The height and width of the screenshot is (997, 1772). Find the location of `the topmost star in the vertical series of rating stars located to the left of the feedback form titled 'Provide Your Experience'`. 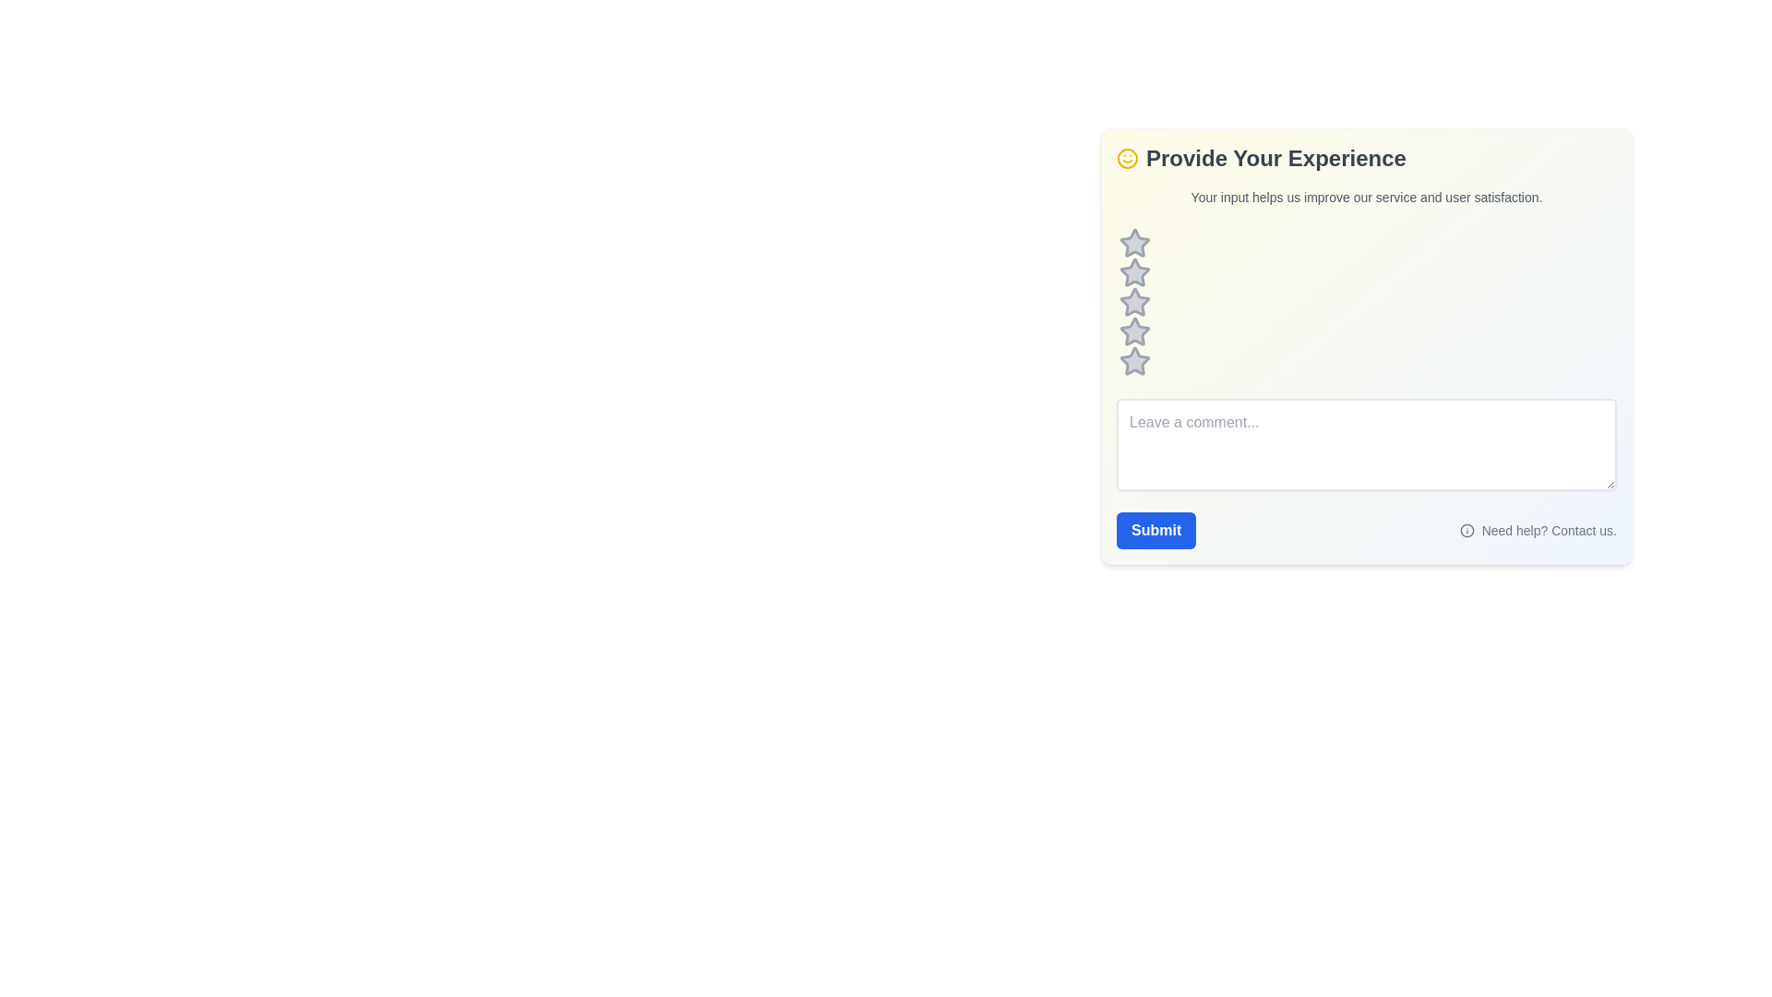

the topmost star in the vertical series of rating stars located to the left of the feedback form titled 'Provide Your Experience' is located at coordinates (1133, 242).